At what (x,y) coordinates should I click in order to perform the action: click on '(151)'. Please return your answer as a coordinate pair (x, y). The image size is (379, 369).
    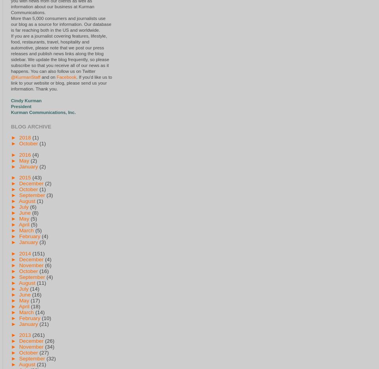
    Looking at the image, I should click on (38, 253).